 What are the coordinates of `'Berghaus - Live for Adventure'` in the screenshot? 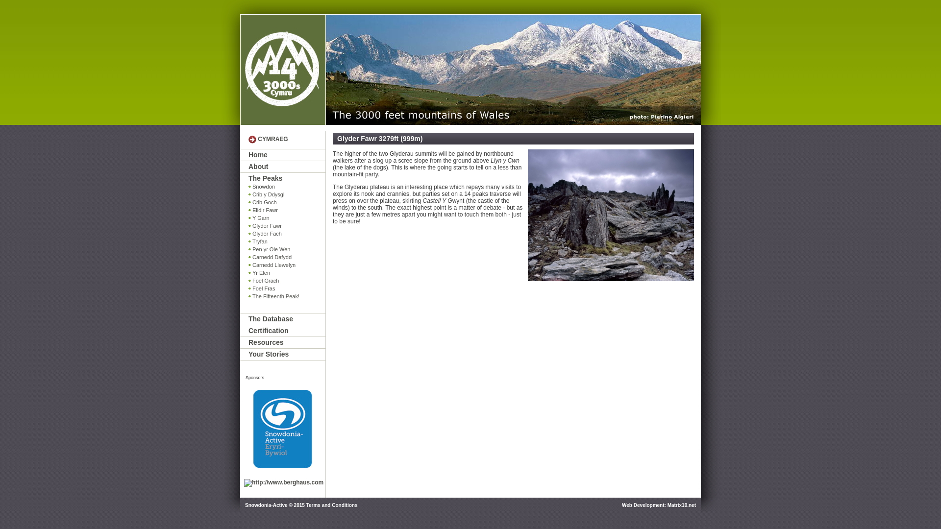 It's located at (283, 482).